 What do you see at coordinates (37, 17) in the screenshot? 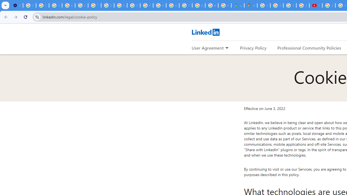
I see `'View site information'` at bounding box center [37, 17].